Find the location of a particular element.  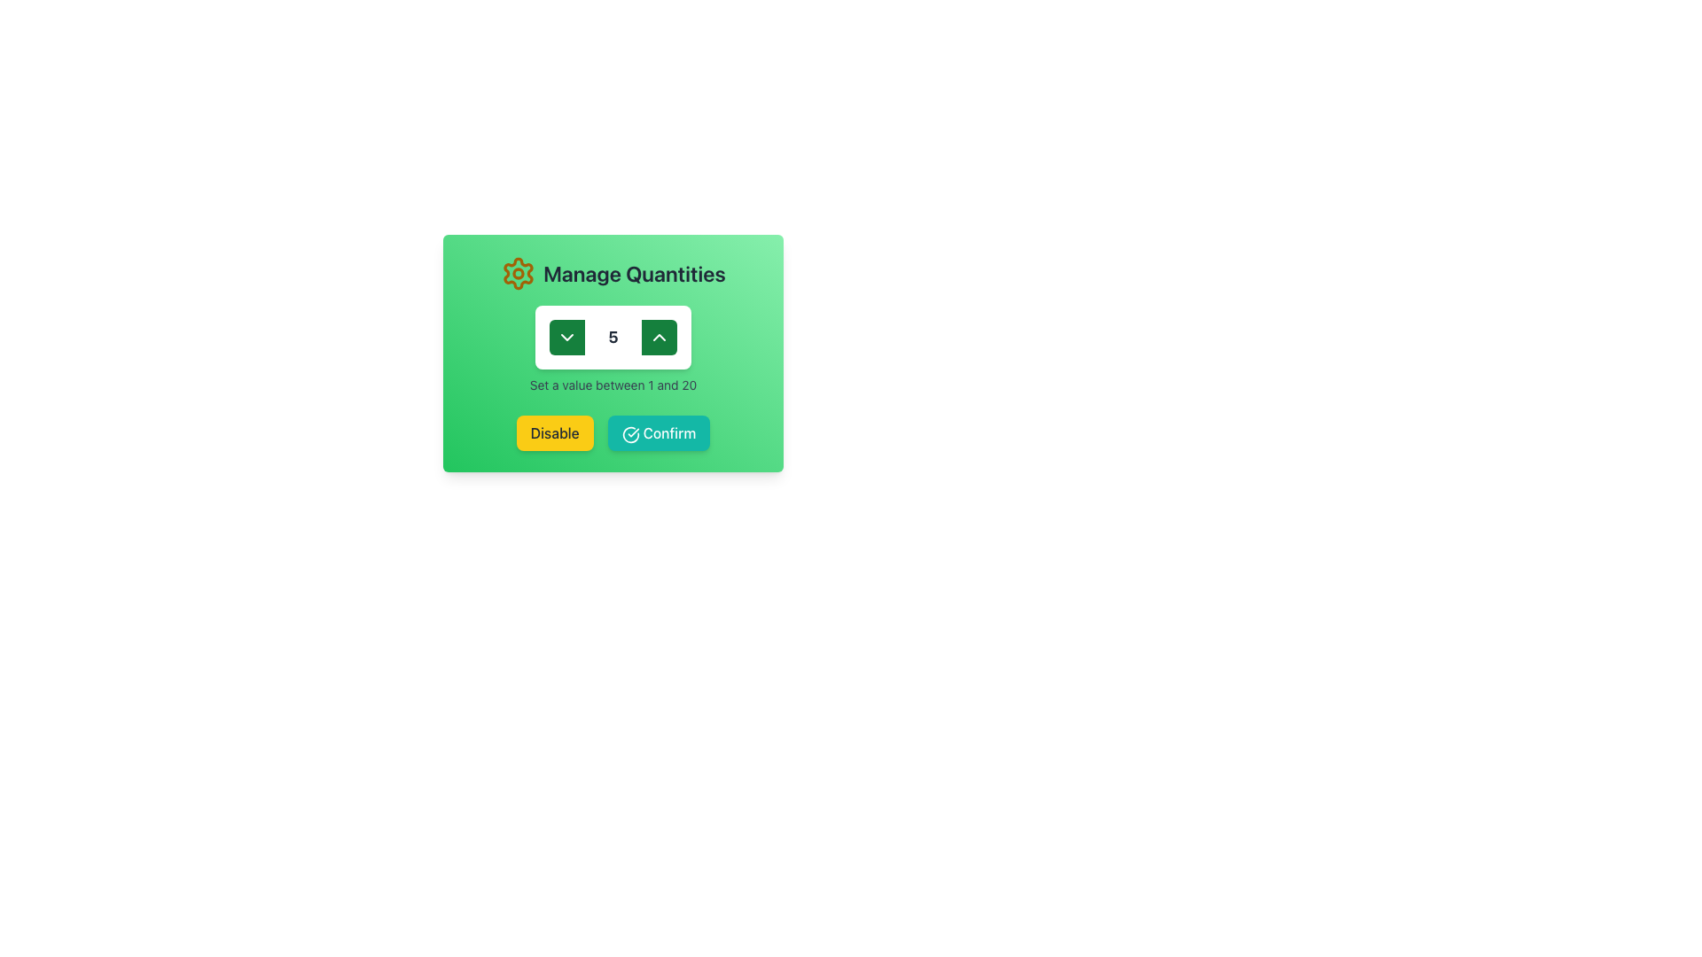

the text label providing instructions for the acceptable input range, located below the number input and above the 'Disable' and 'Confirm' action buttons is located at coordinates (613, 385).